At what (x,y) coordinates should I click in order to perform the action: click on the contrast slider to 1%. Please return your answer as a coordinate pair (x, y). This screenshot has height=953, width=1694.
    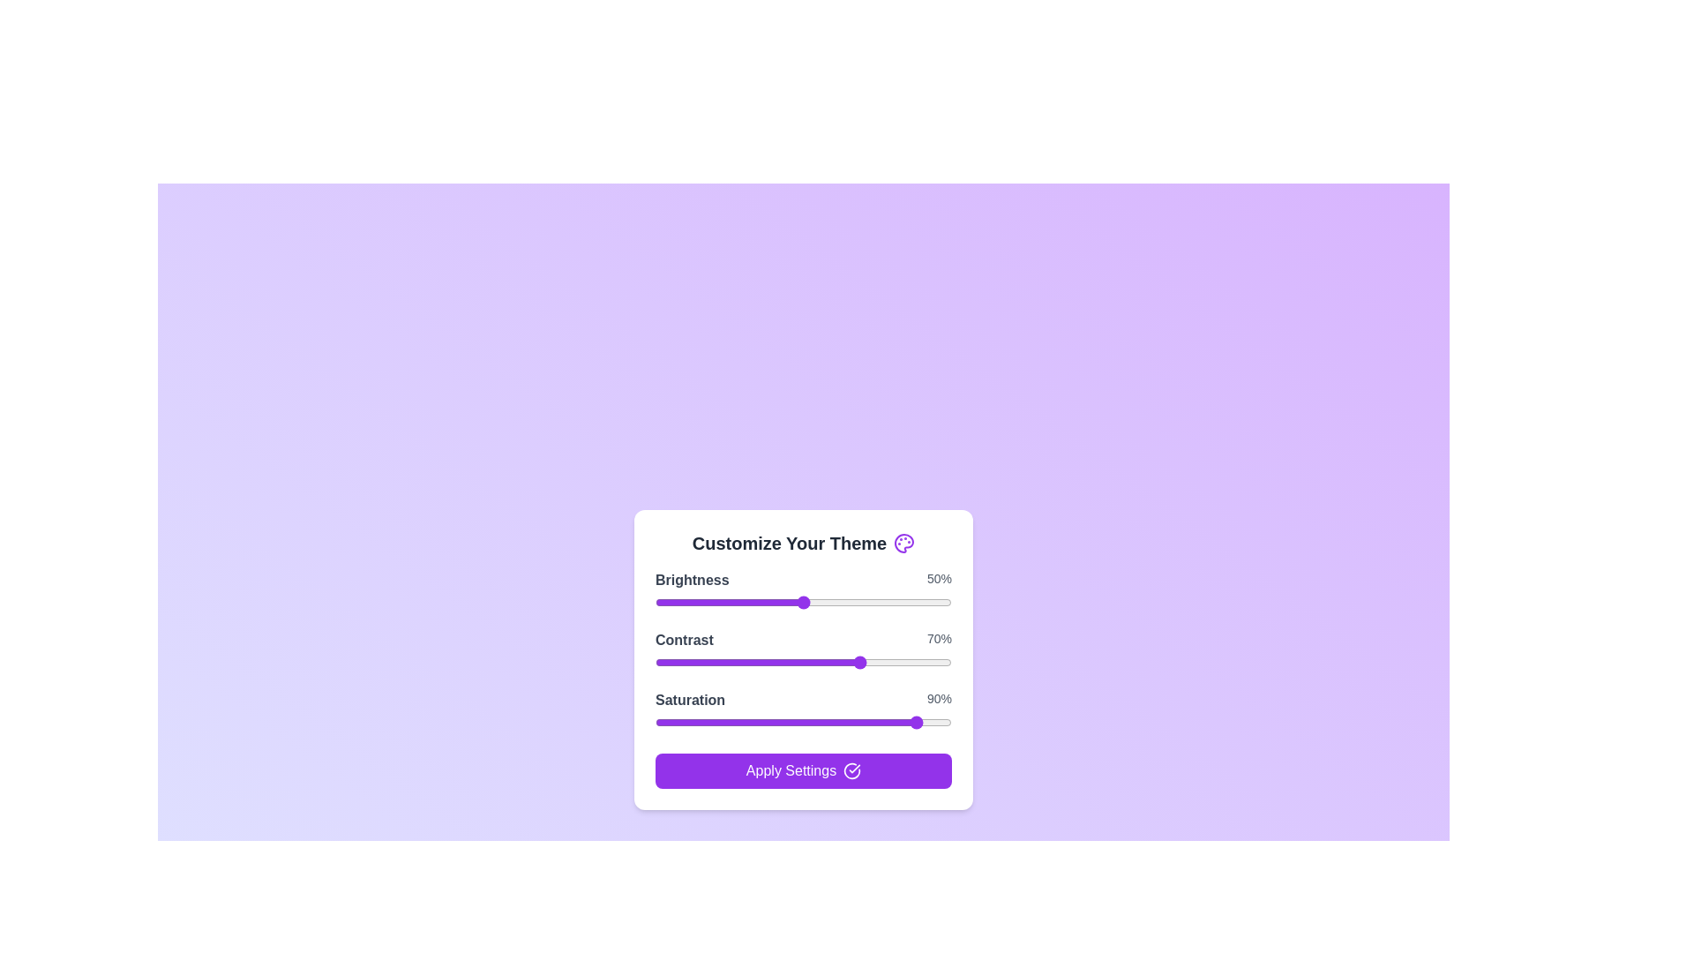
    Looking at the image, I should click on (657, 663).